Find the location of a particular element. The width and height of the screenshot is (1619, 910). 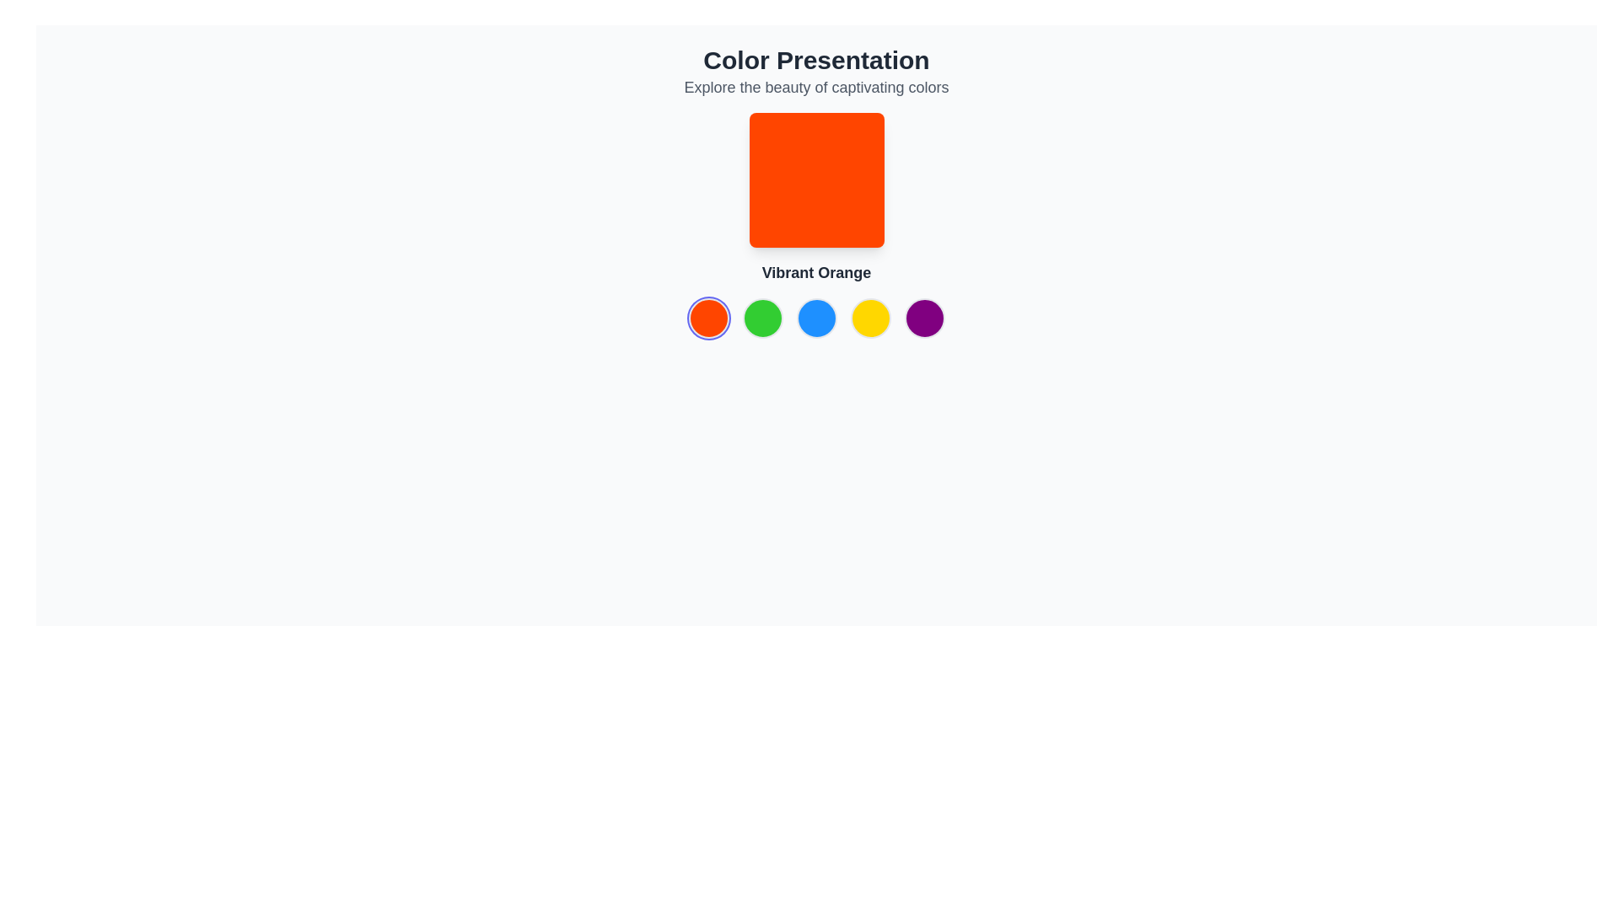

the leftmost circular button representing the 'Orange' color selection under the 'Color Presentation' section is located at coordinates (708, 318).